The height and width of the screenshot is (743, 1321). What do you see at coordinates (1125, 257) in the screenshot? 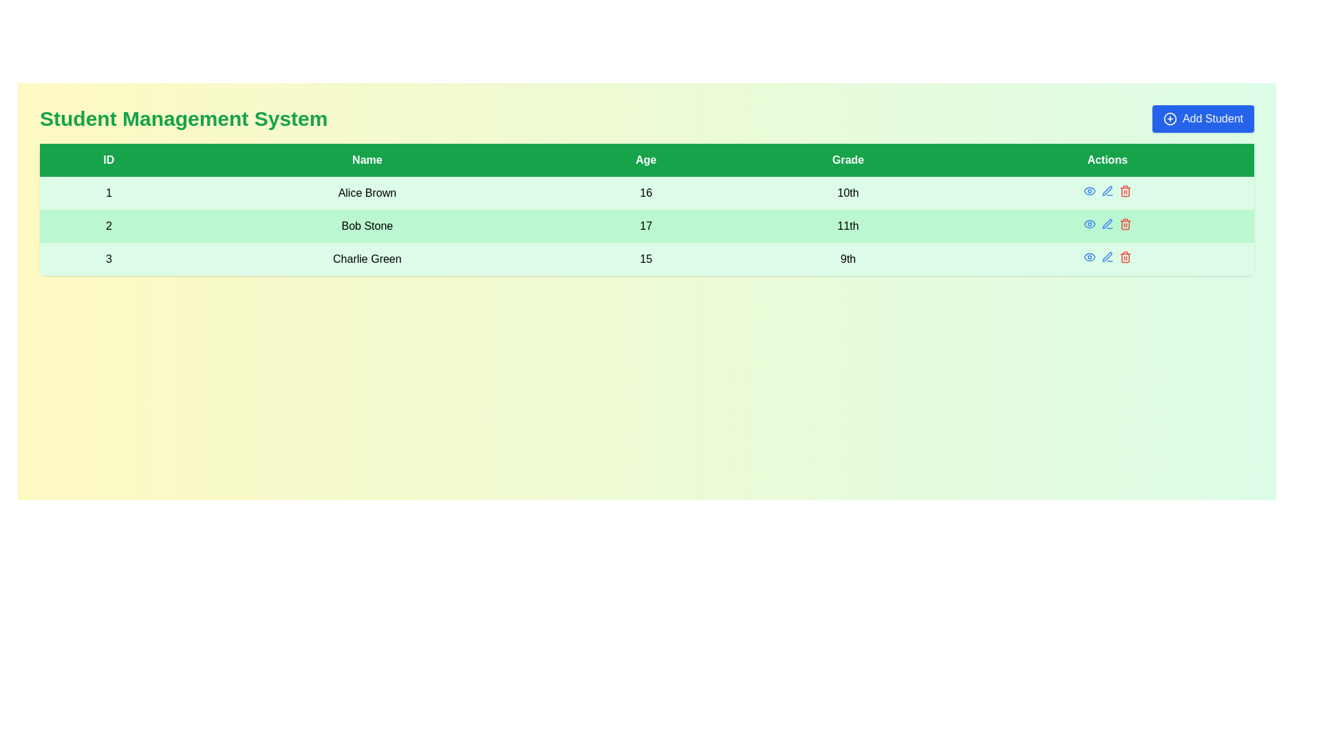
I see `the red trash can icon in the actions column of the third row corresponding to Charlie Green to initiate the delete action` at bounding box center [1125, 257].